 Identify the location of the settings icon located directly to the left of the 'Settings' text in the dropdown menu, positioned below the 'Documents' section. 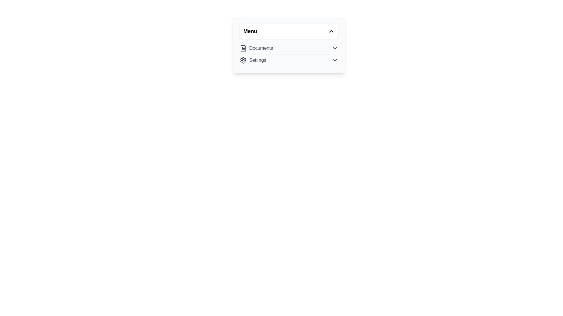
(243, 60).